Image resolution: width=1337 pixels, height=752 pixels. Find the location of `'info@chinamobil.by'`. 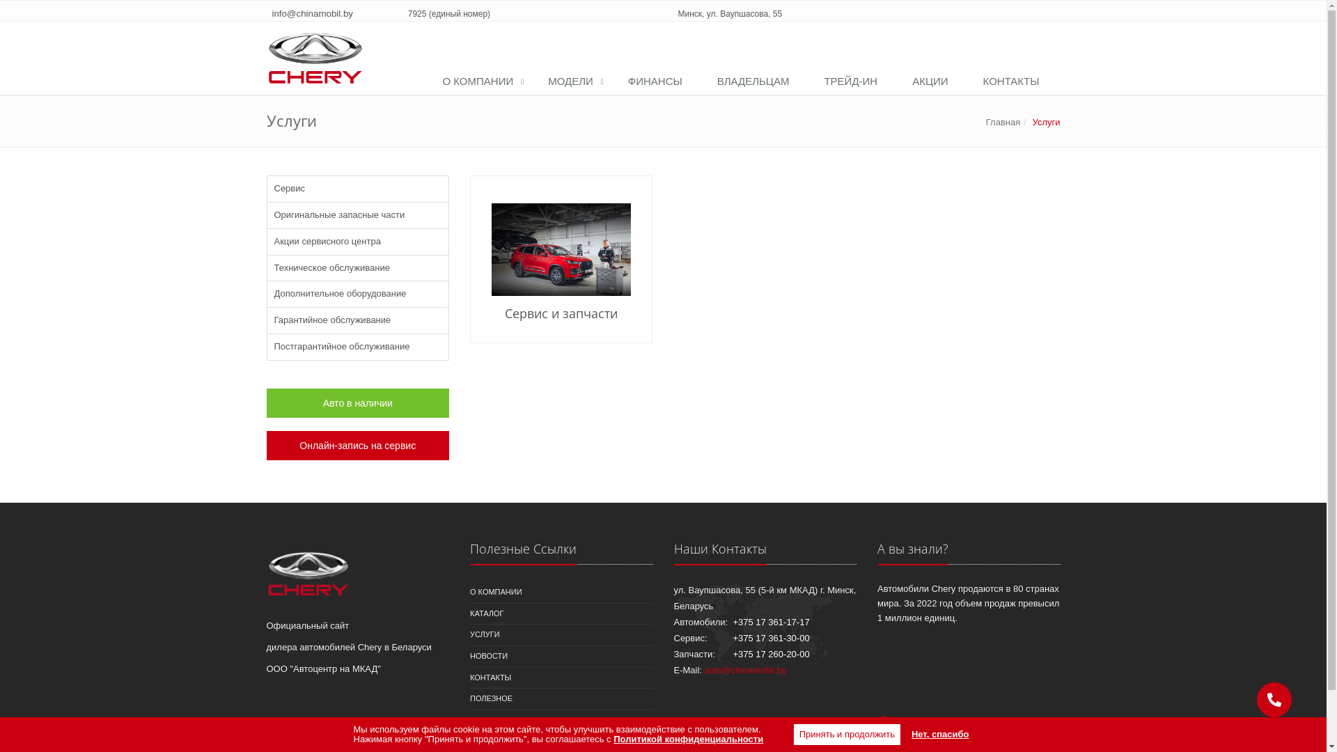

'info@chinamobil.by' is located at coordinates (311, 13).